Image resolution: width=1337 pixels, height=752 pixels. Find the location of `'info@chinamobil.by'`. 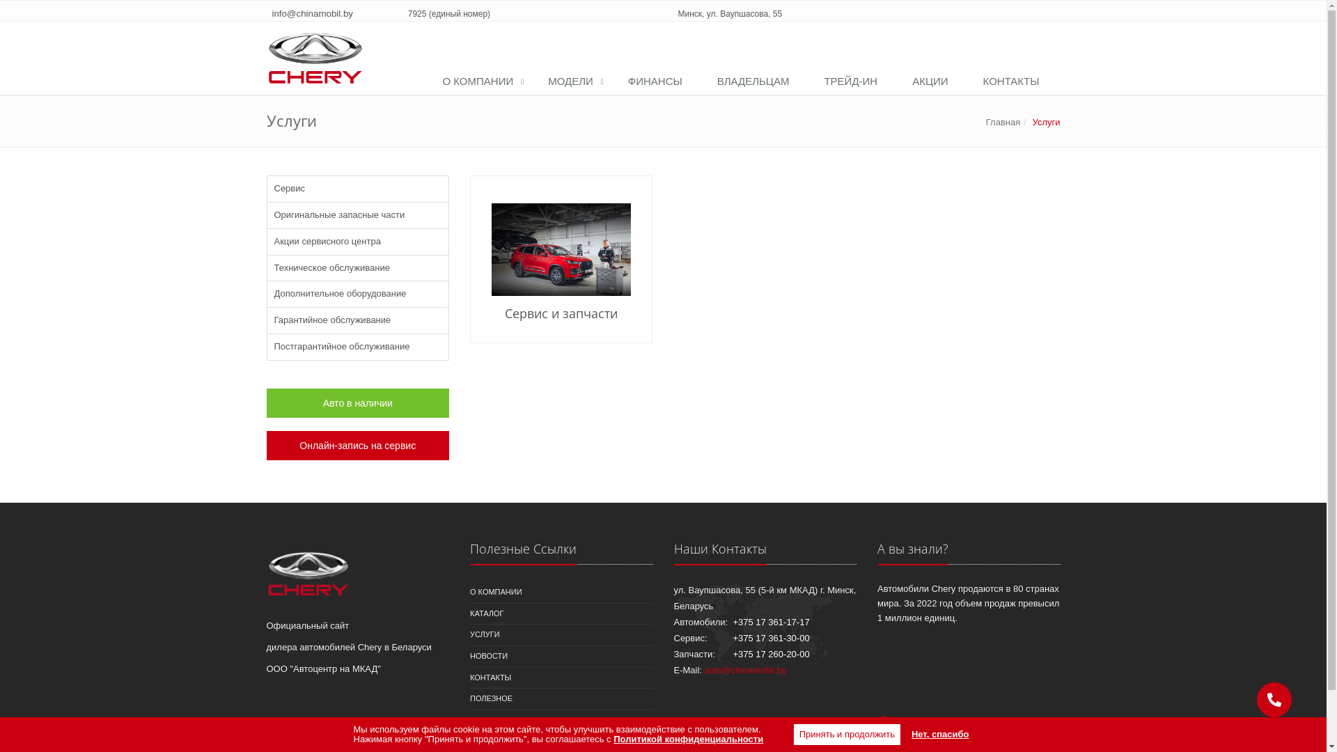

'info@chinamobil.by' is located at coordinates (311, 13).